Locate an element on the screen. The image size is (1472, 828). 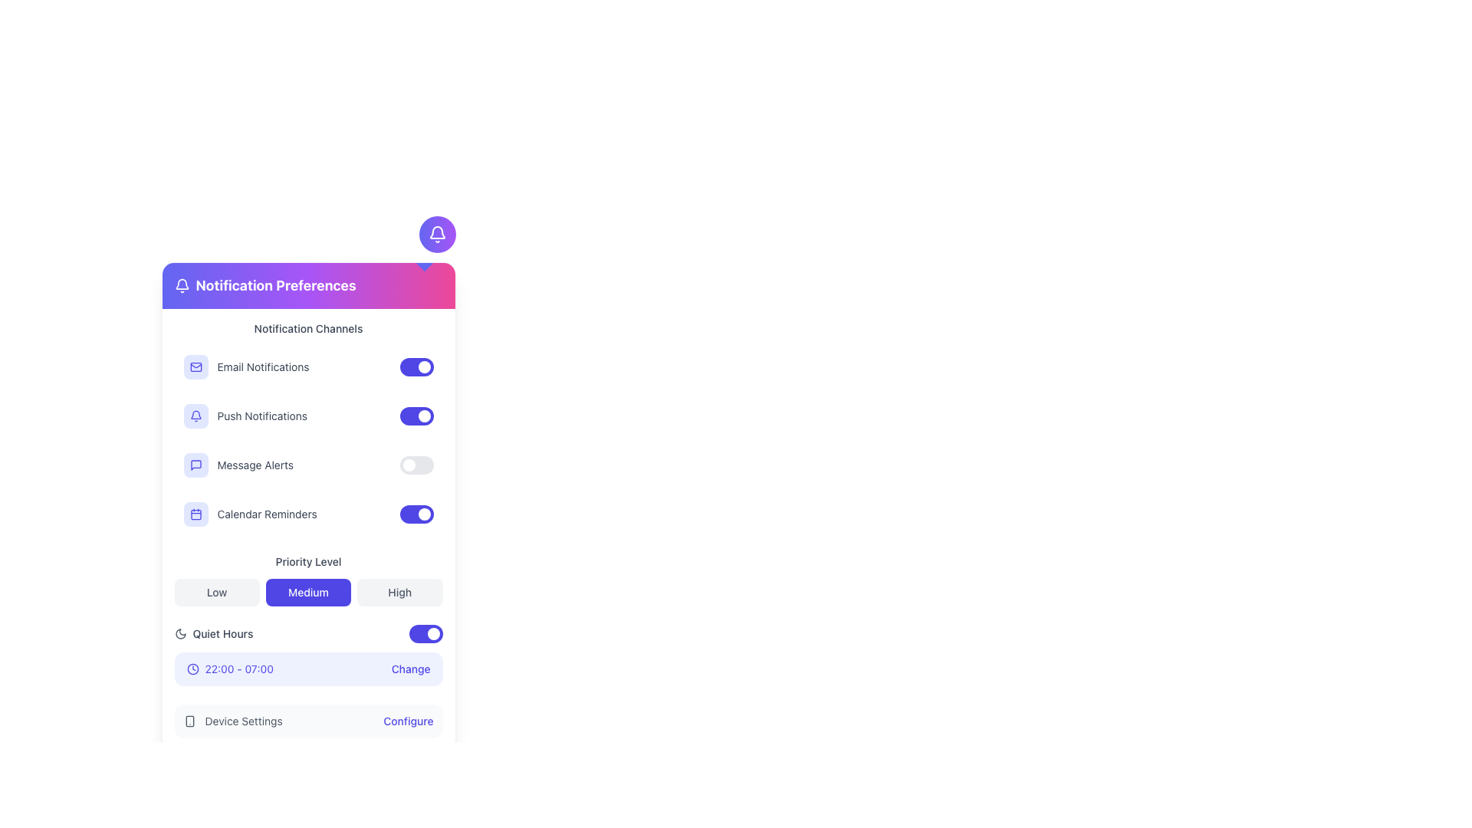
the toggle switch of the 'Push Notifications' option to change its notification state is located at coordinates (307, 440).